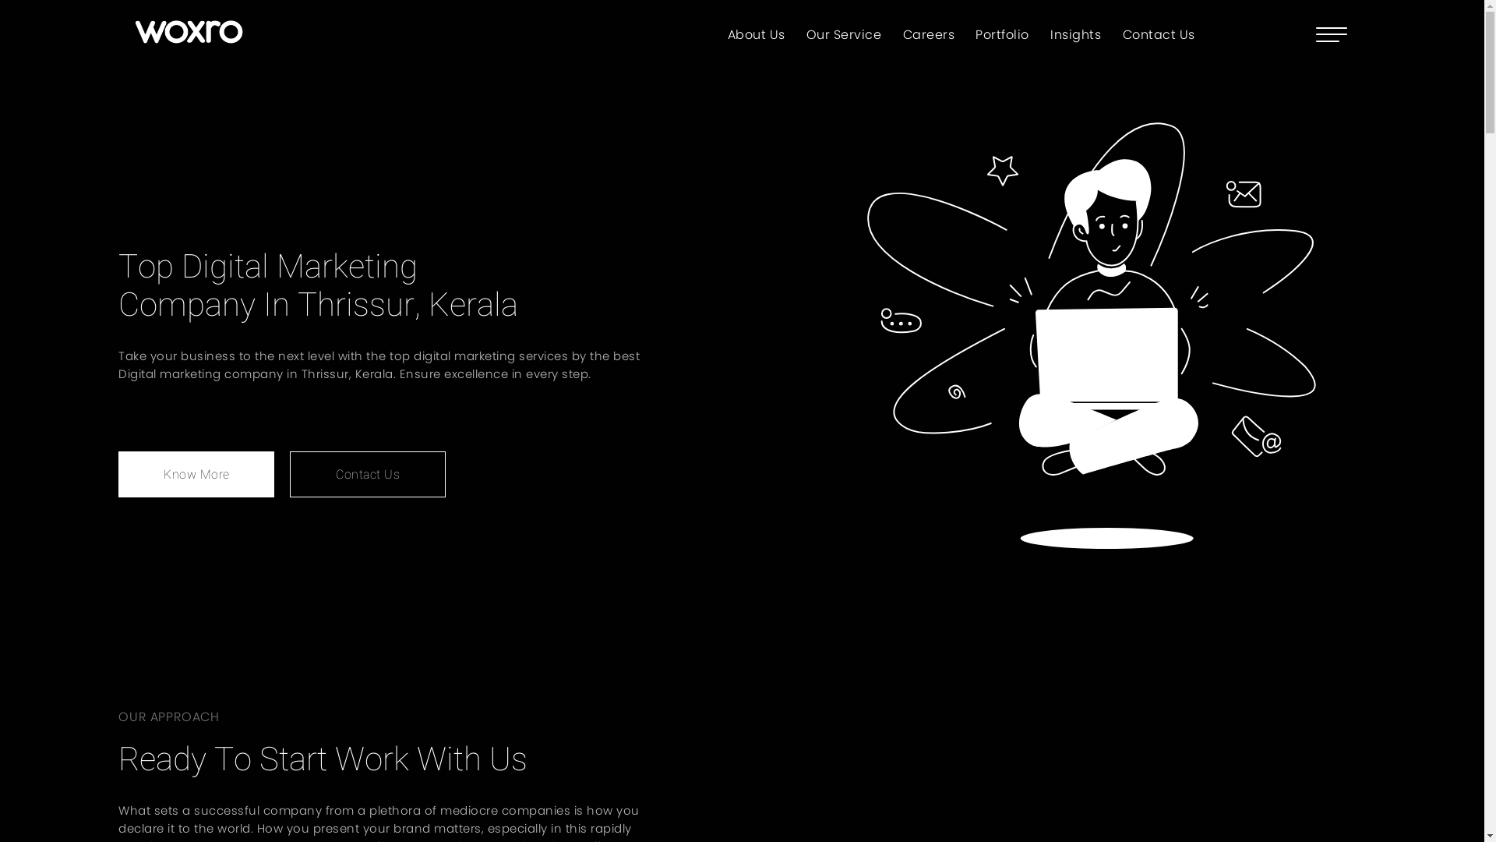 This screenshot has width=1496, height=842. Describe the element at coordinates (195, 473) in the screenshot. I see `'Know More'` at that location.